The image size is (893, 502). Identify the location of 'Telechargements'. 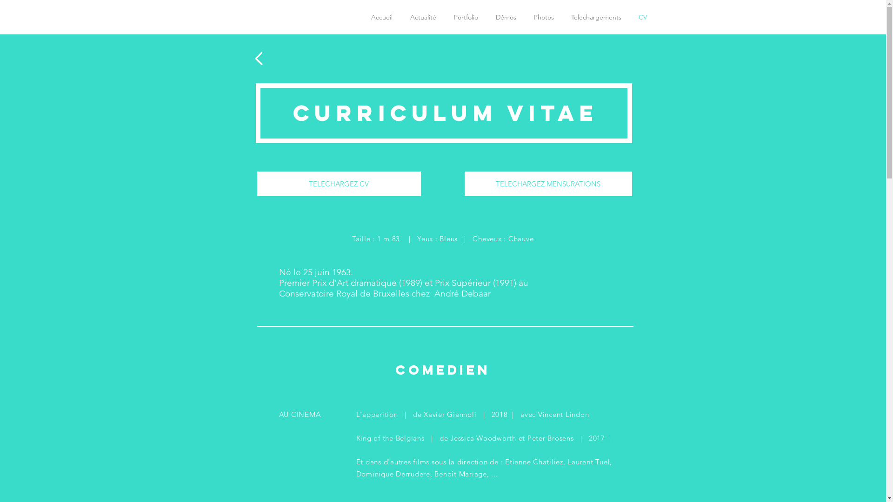
(562, 17).